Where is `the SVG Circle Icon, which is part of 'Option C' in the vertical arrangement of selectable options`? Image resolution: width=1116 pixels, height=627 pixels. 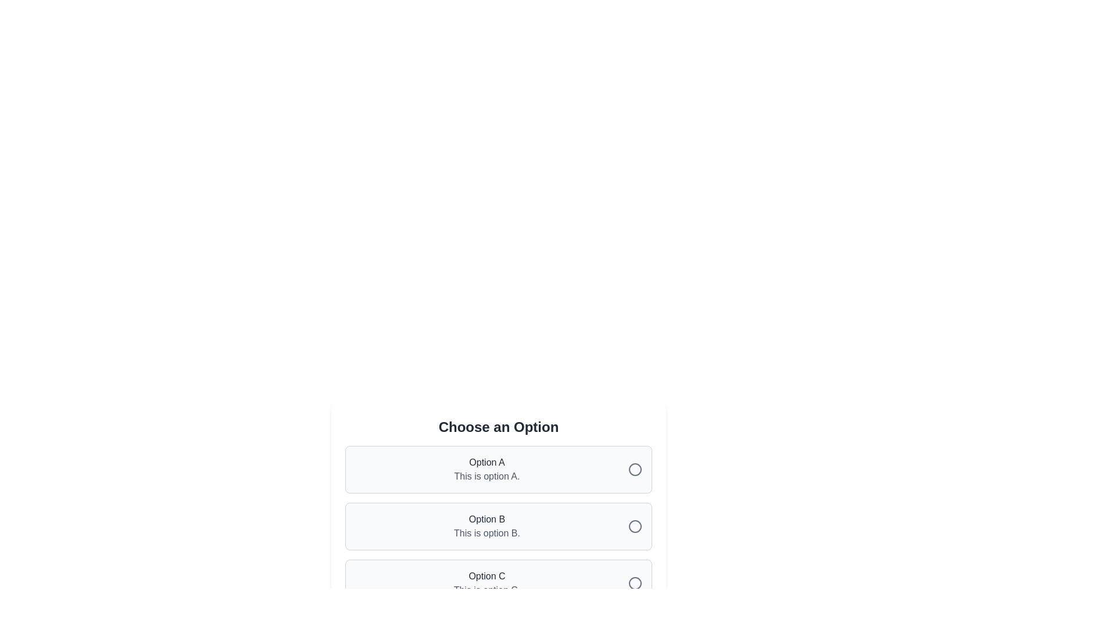
the SVG Circle Icon, which is part of 'Option C' in the vertical arrangement of selectable options is located at coordinates (635, 583).